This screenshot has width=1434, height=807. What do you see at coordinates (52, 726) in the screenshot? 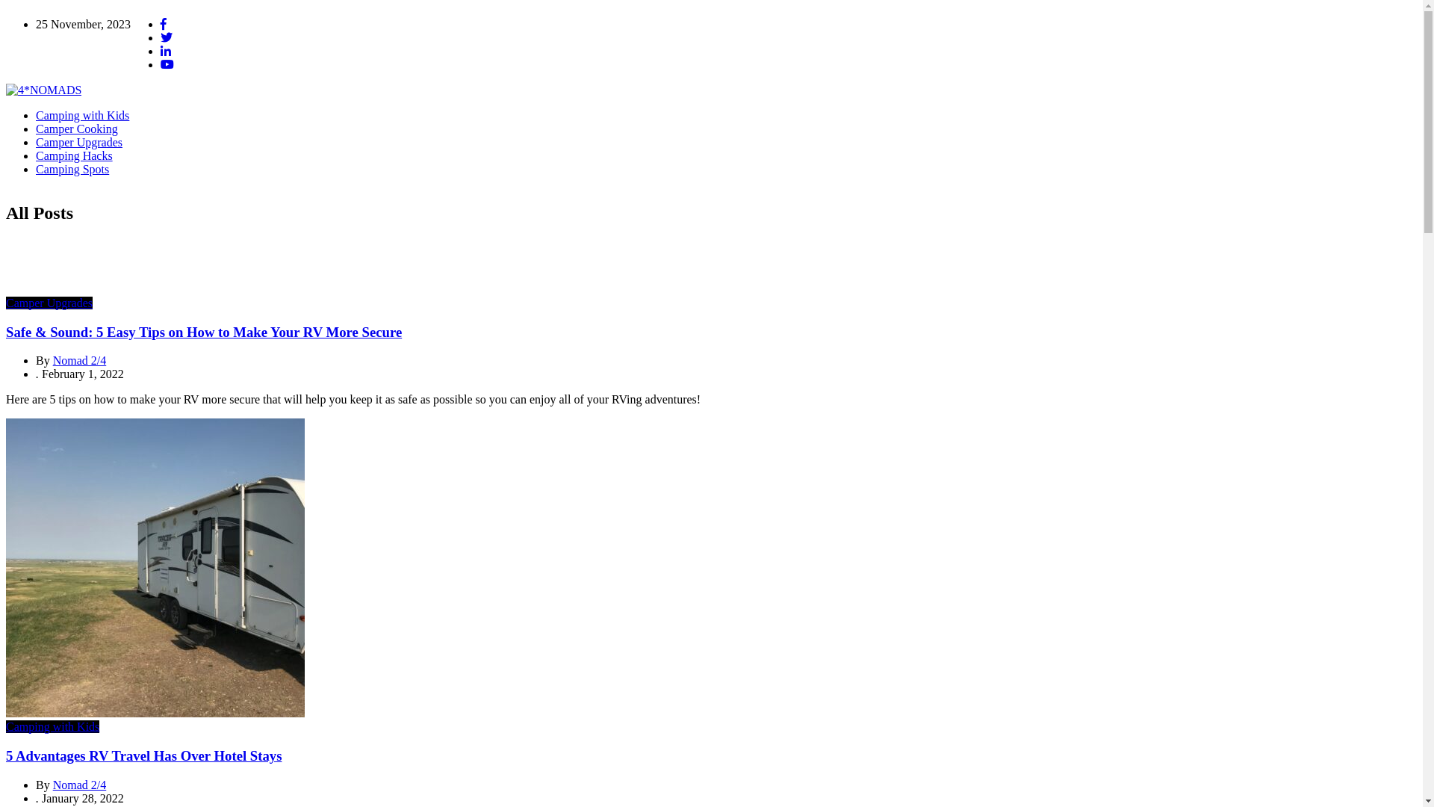
I see `'Camping with Kids'` at bounding box center [52, 726].